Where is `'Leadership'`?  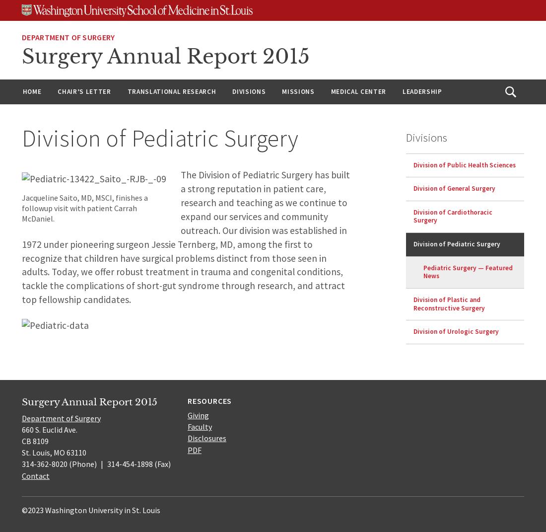 'Leadership' is located at coordinates (421, 91).